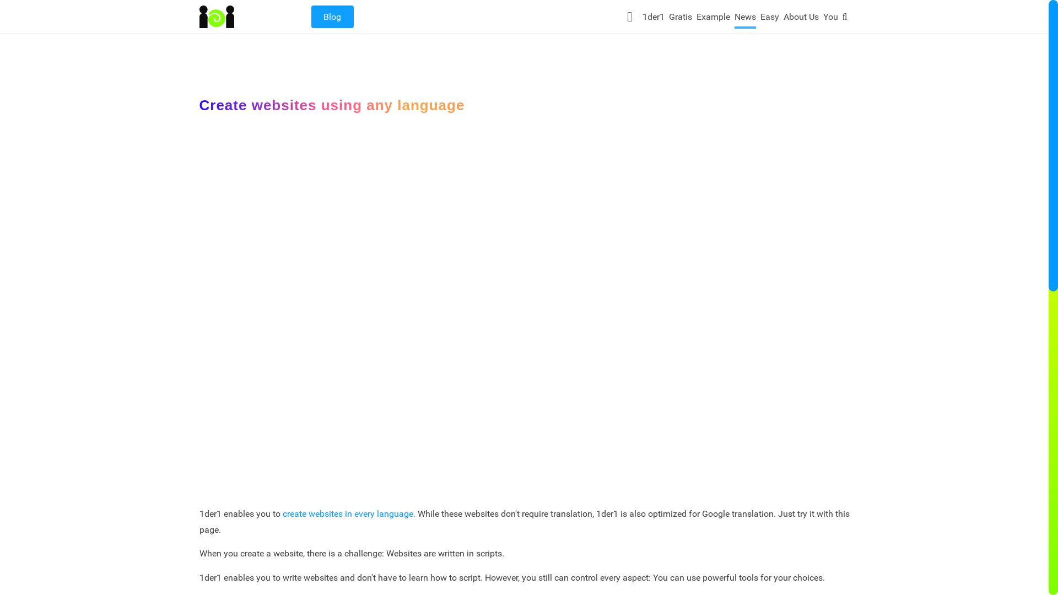  What do you see at coordinates (769, 19) in the screenshot?
I see `'Easy'` at bounding box center [769, 19].